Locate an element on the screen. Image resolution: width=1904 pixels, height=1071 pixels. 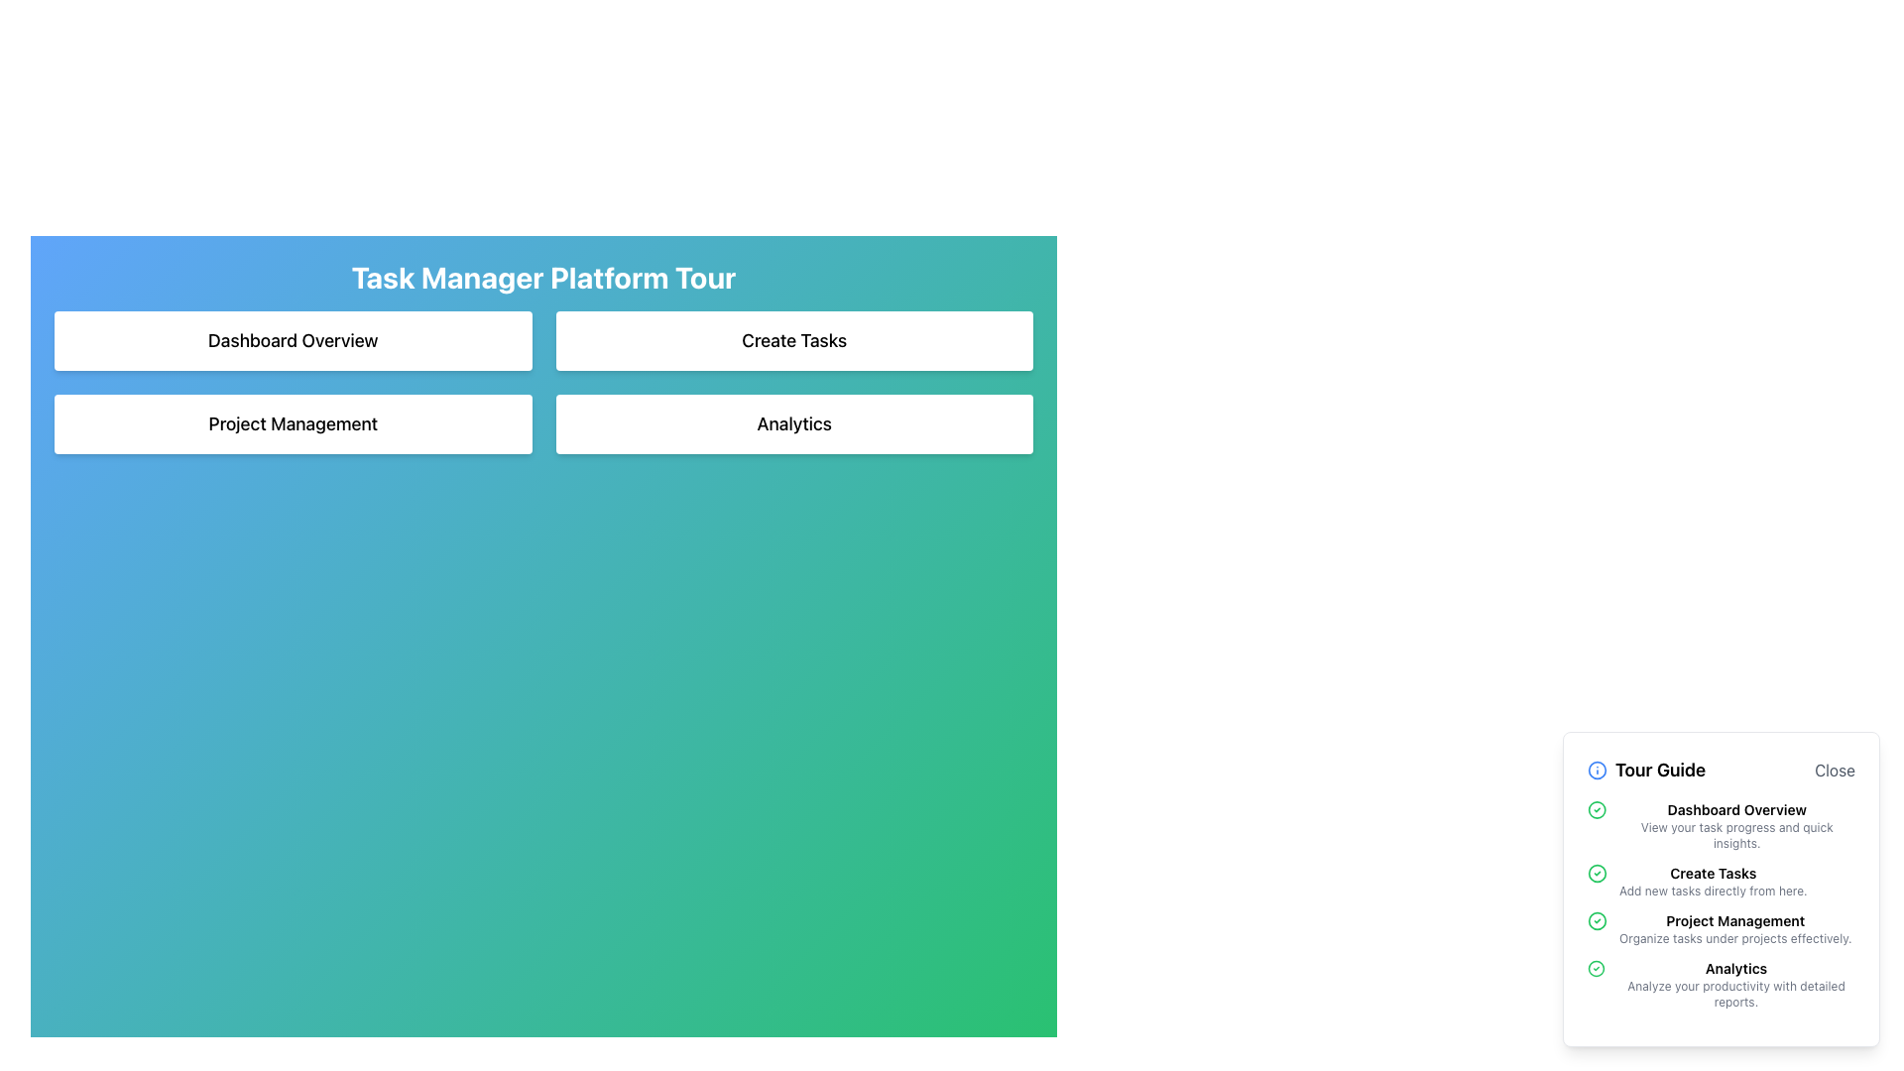
the descriptive text label located beneath the 'Analytics' title in the right-side pop-up guide is located at coordinates (1735, 994).